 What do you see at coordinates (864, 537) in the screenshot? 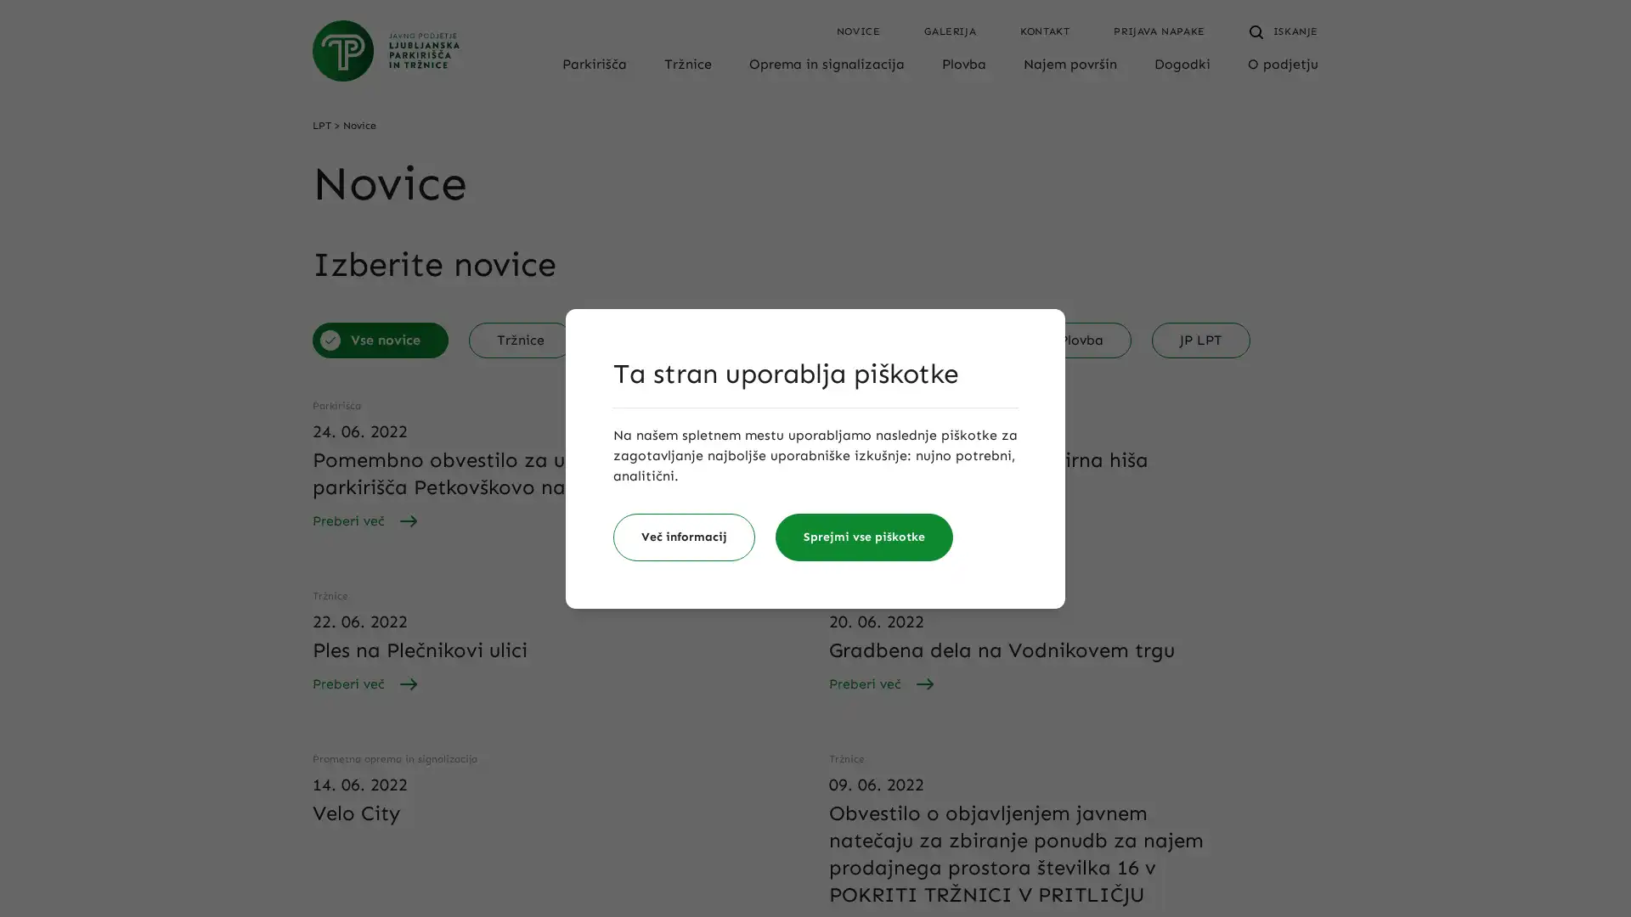
I see `Sprejmi vse piskotke` at bounding box center [864, 537].